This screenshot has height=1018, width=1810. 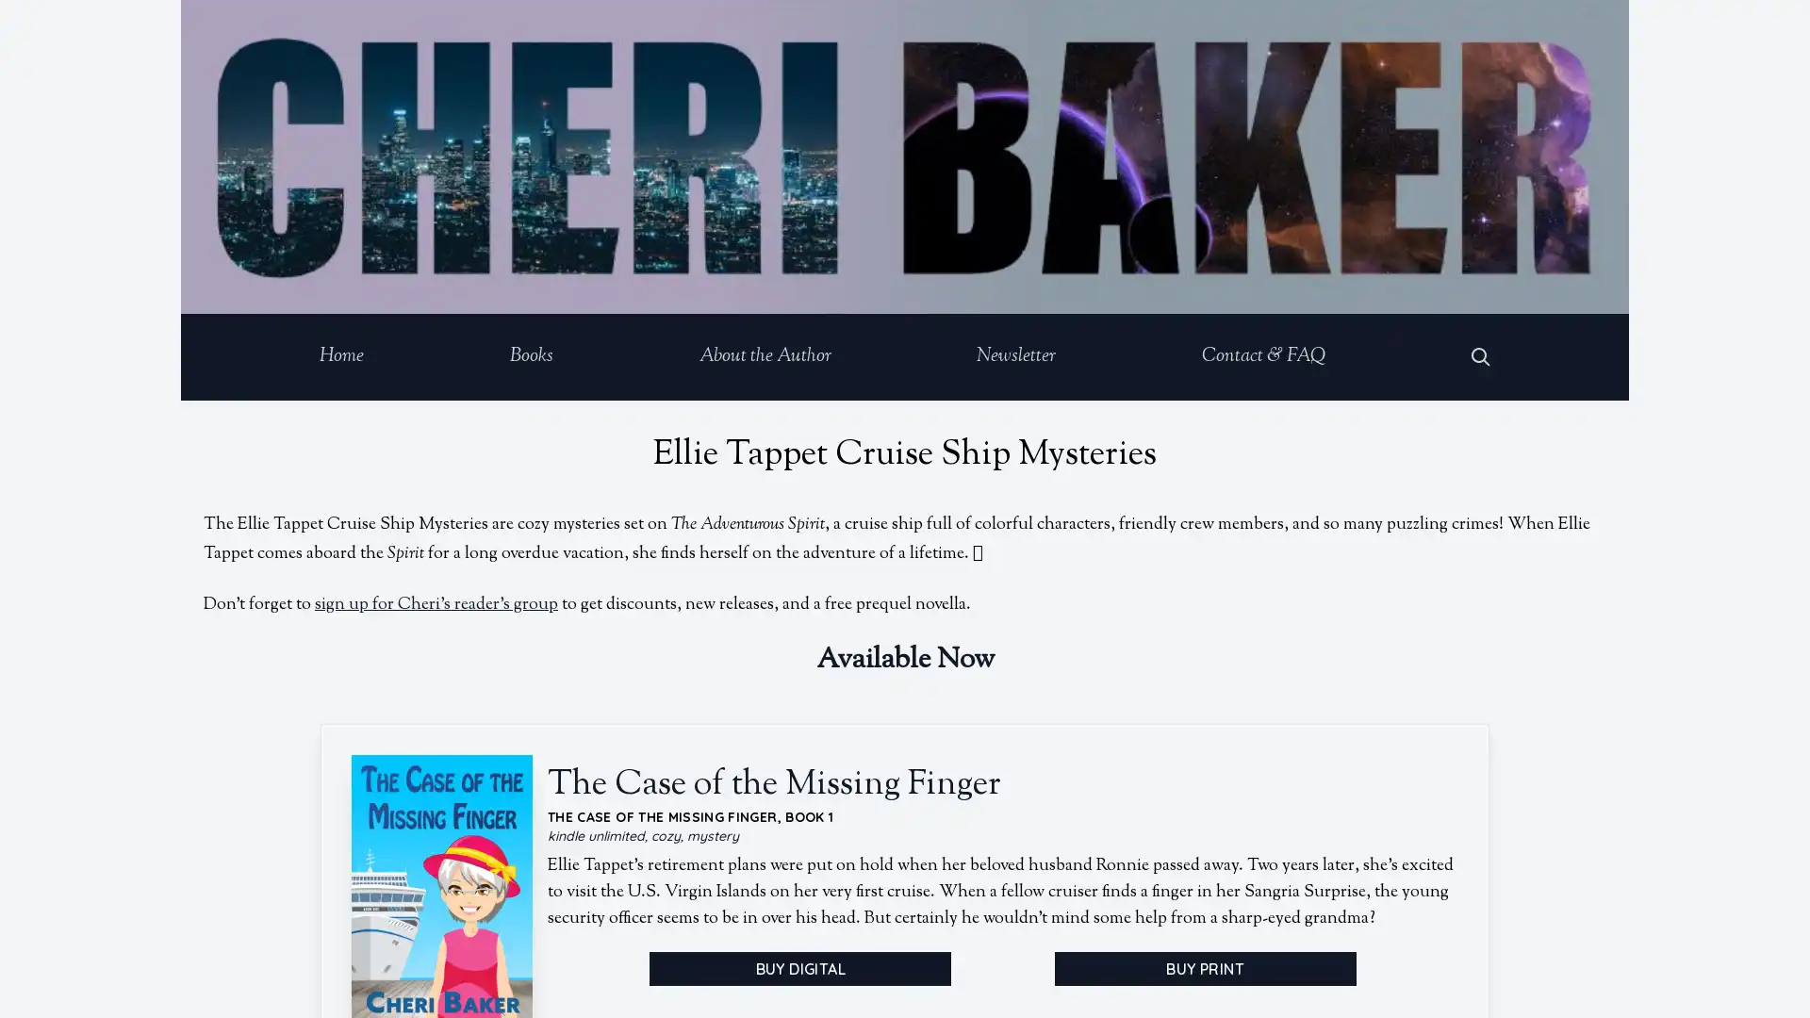 What do you see at coordinates (1479, 356) in the screenshot?
I see `Open Search Dialog` at bounding box center [1479, 356].